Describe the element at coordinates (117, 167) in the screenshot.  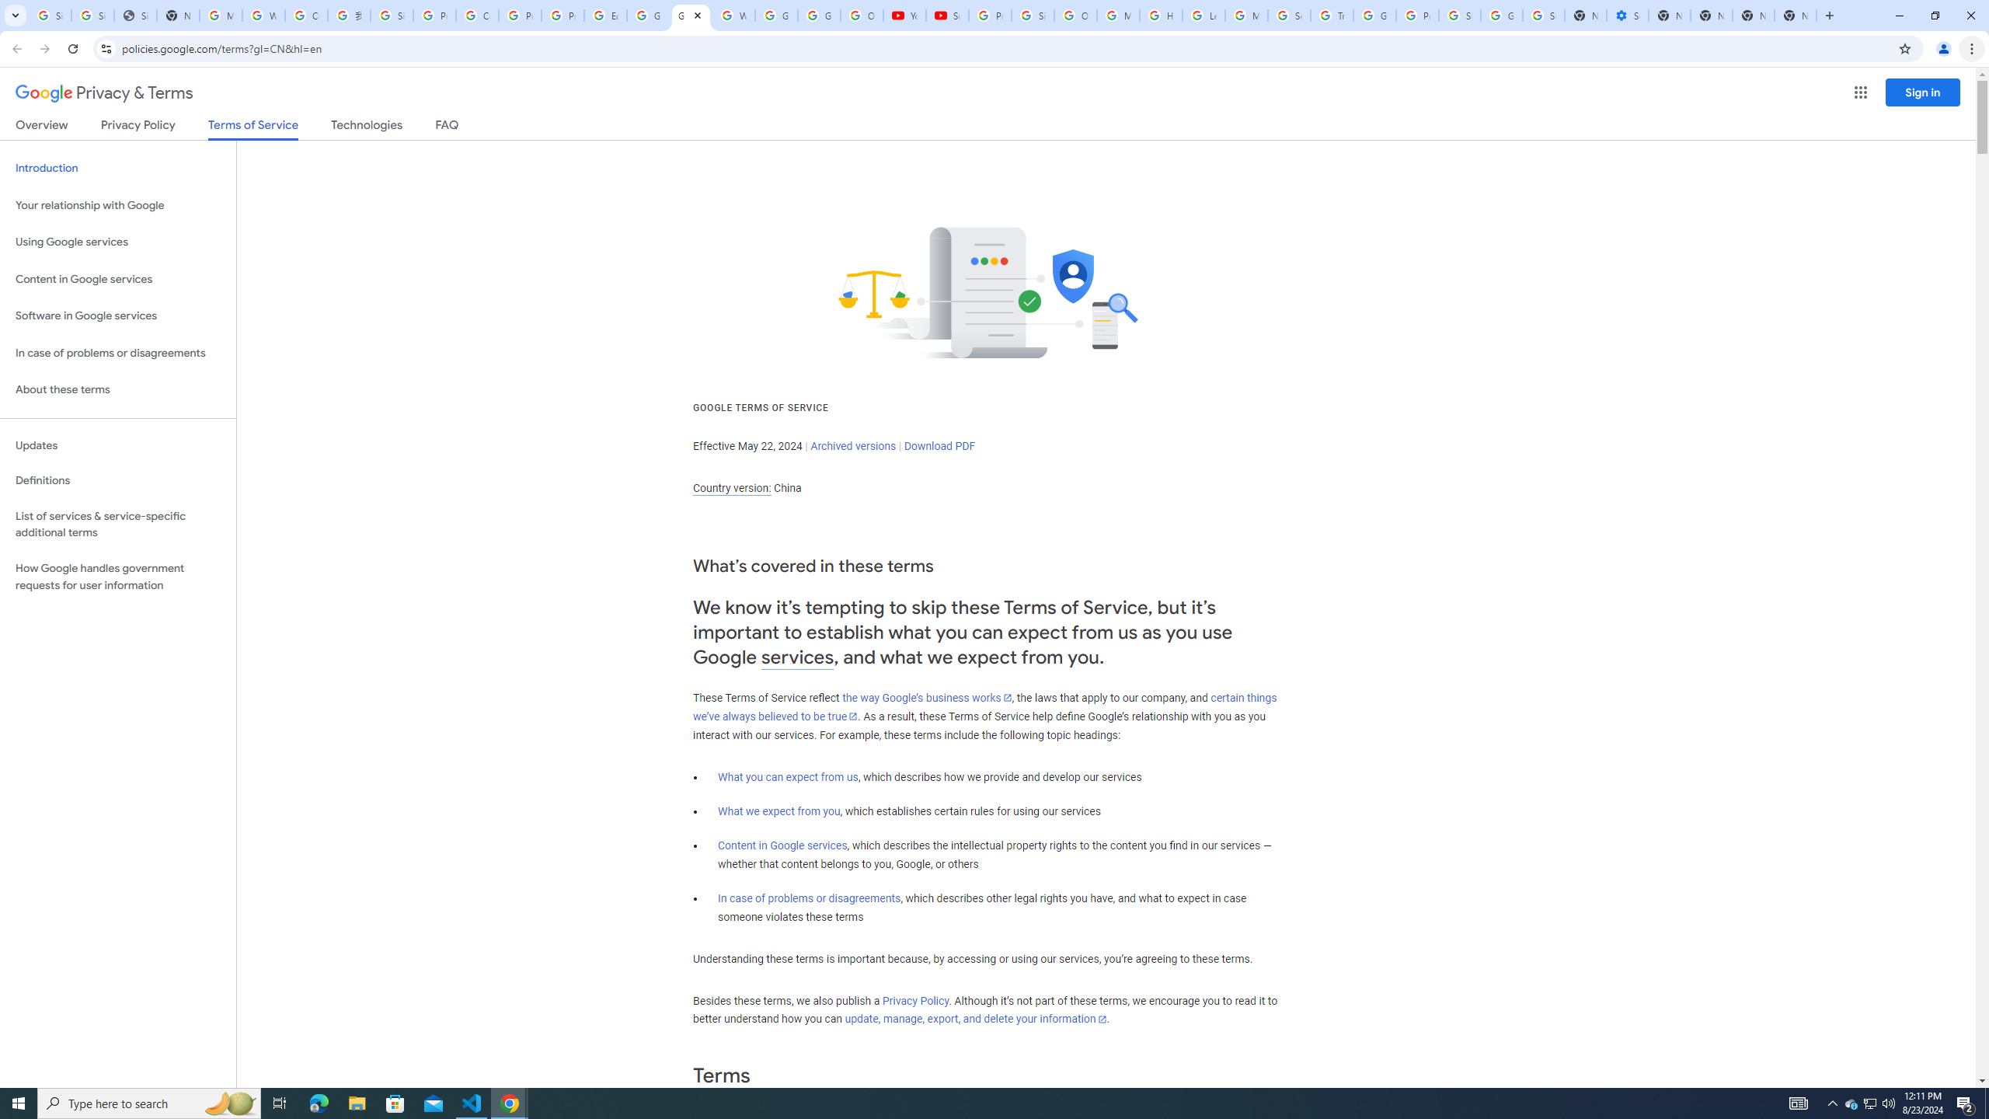
I see `'Introduction'` at that location.